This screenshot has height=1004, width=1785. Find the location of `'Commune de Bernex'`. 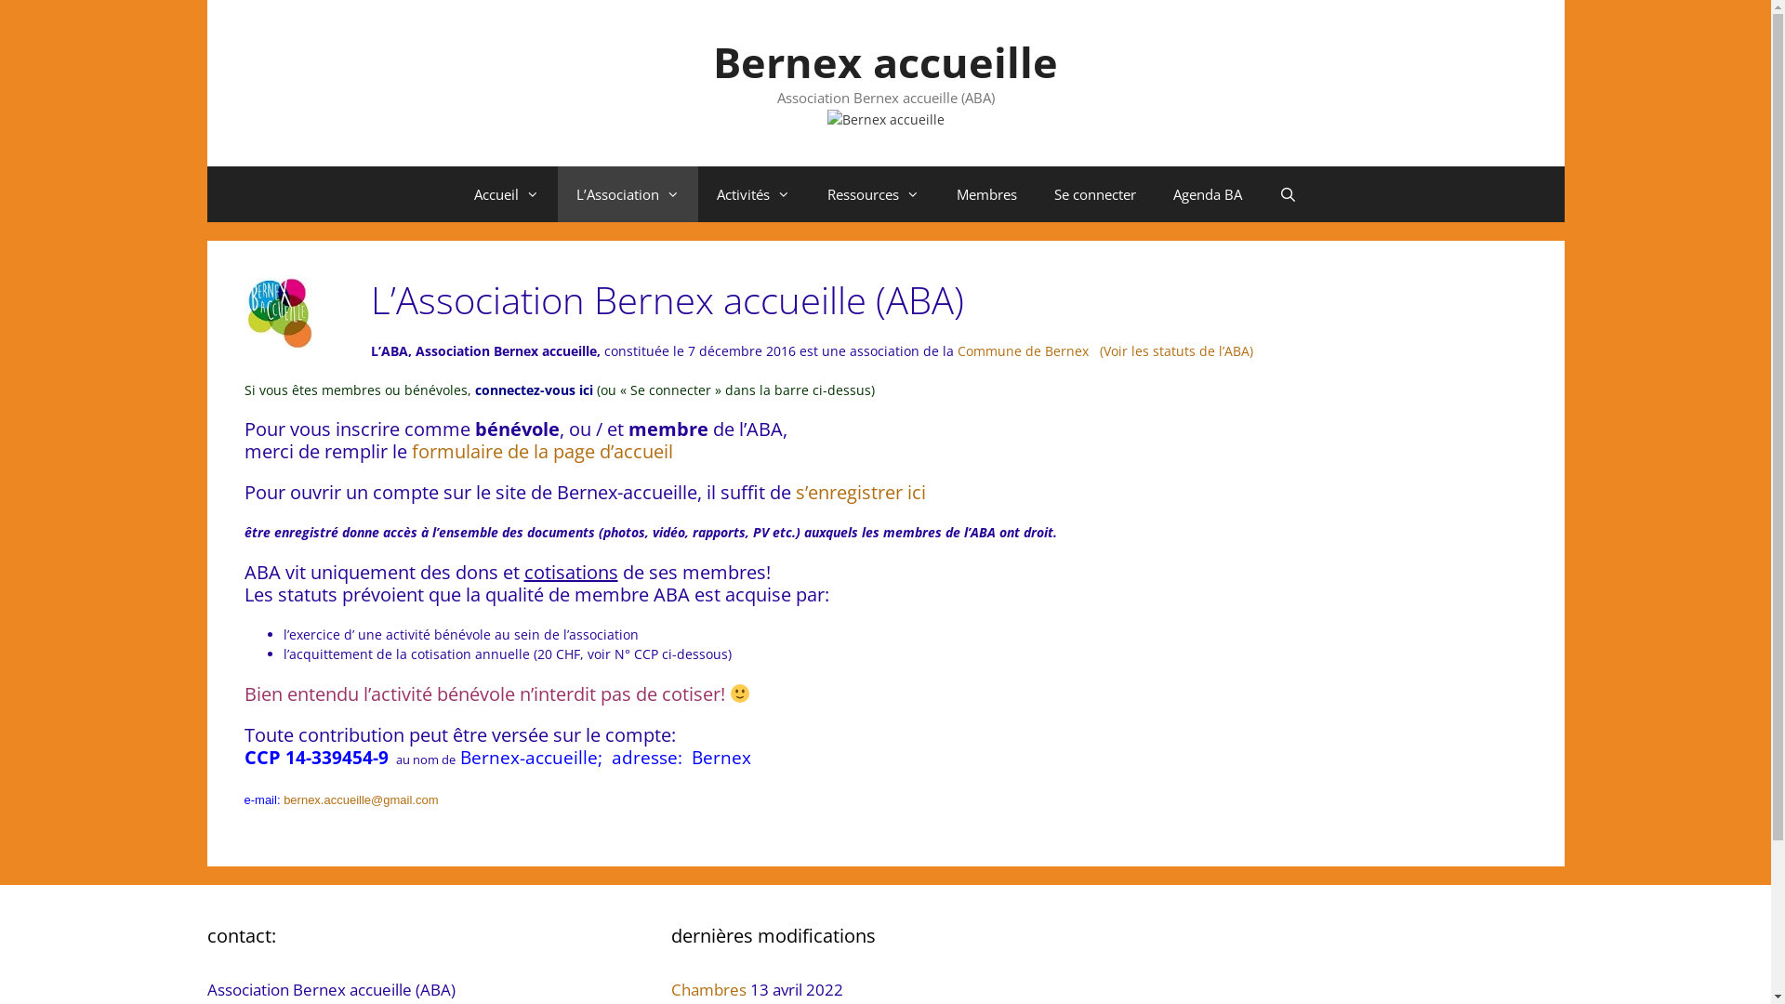

'Commune de Bernex' is located at coordinates (1020, 350).